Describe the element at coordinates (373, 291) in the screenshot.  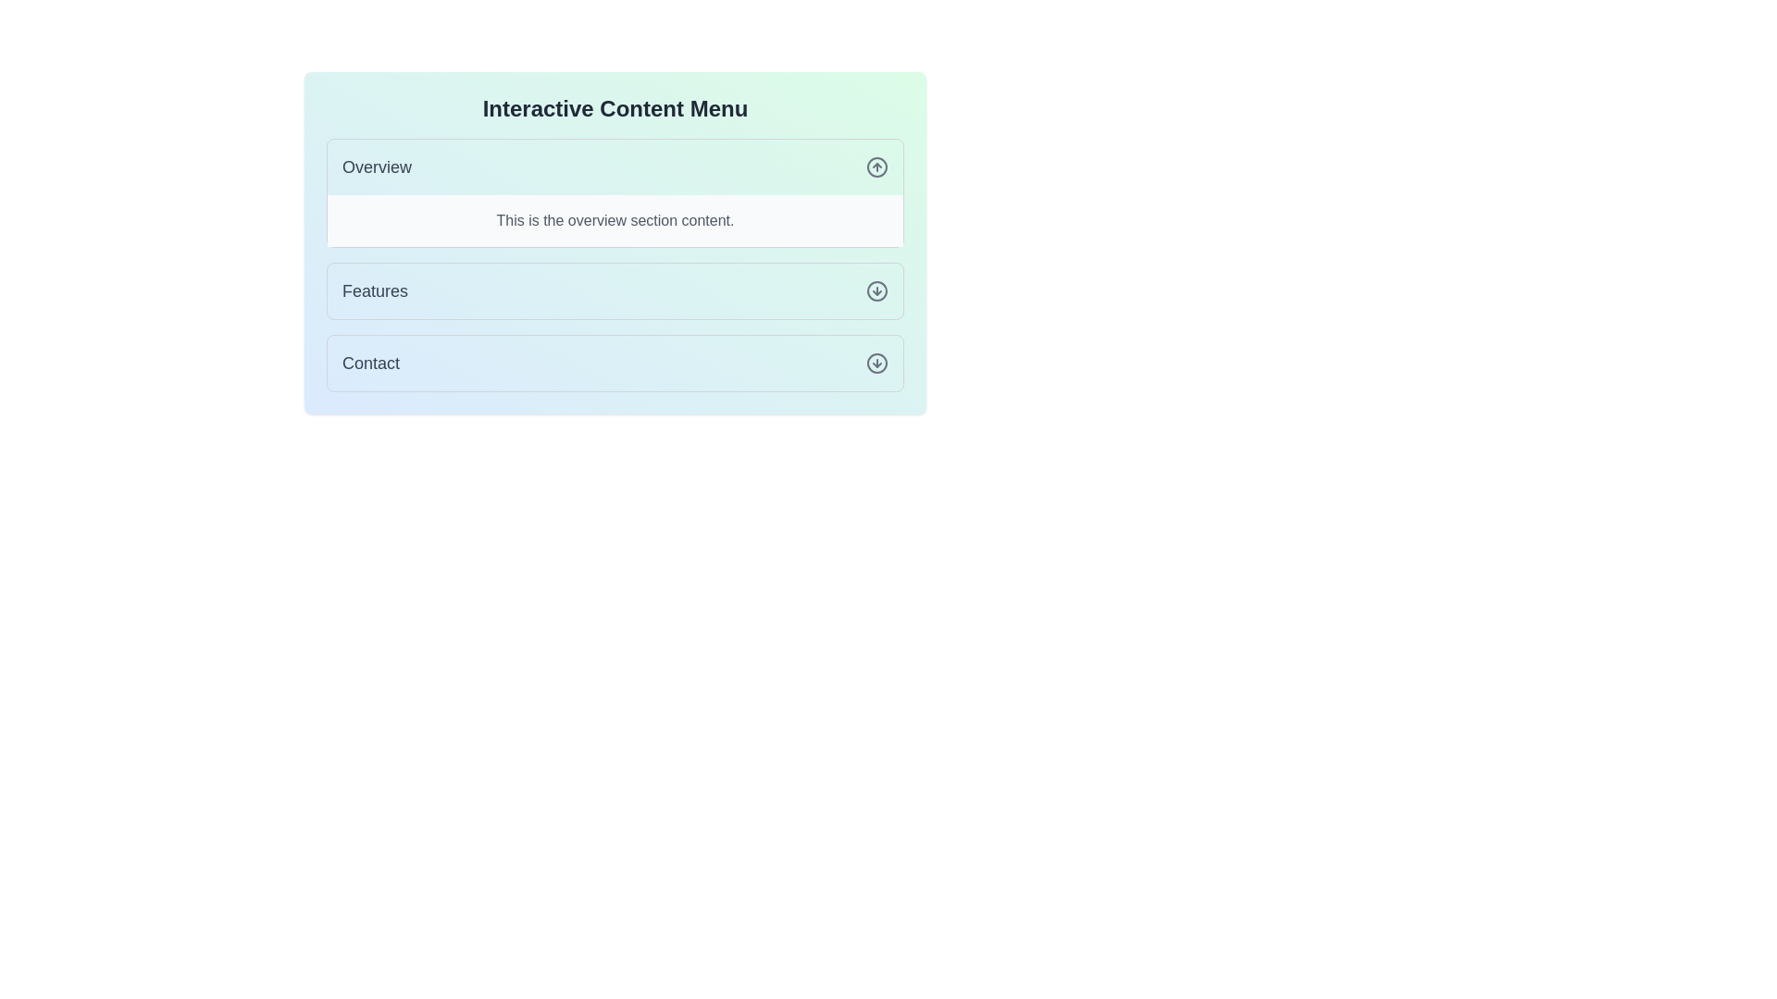
I see `the 'Features' navigation link located in the middle of the menu list, positioned between the 'Overview' and 'Contact' options` at that location.